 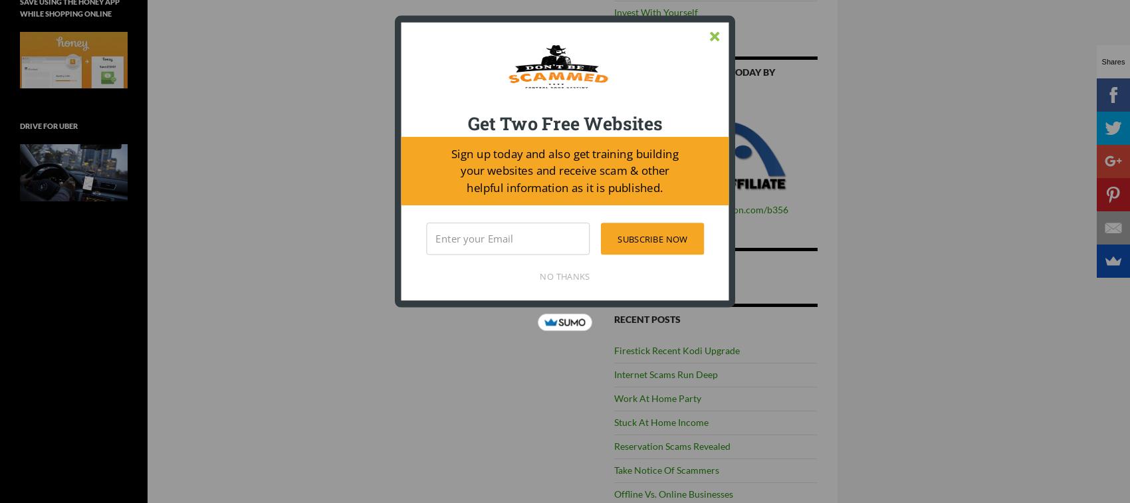 What do you see at coordinates (665, 374) in the screenshot?
I see `'Internet Scams Run Deep'` at bounding box center [665, 374].